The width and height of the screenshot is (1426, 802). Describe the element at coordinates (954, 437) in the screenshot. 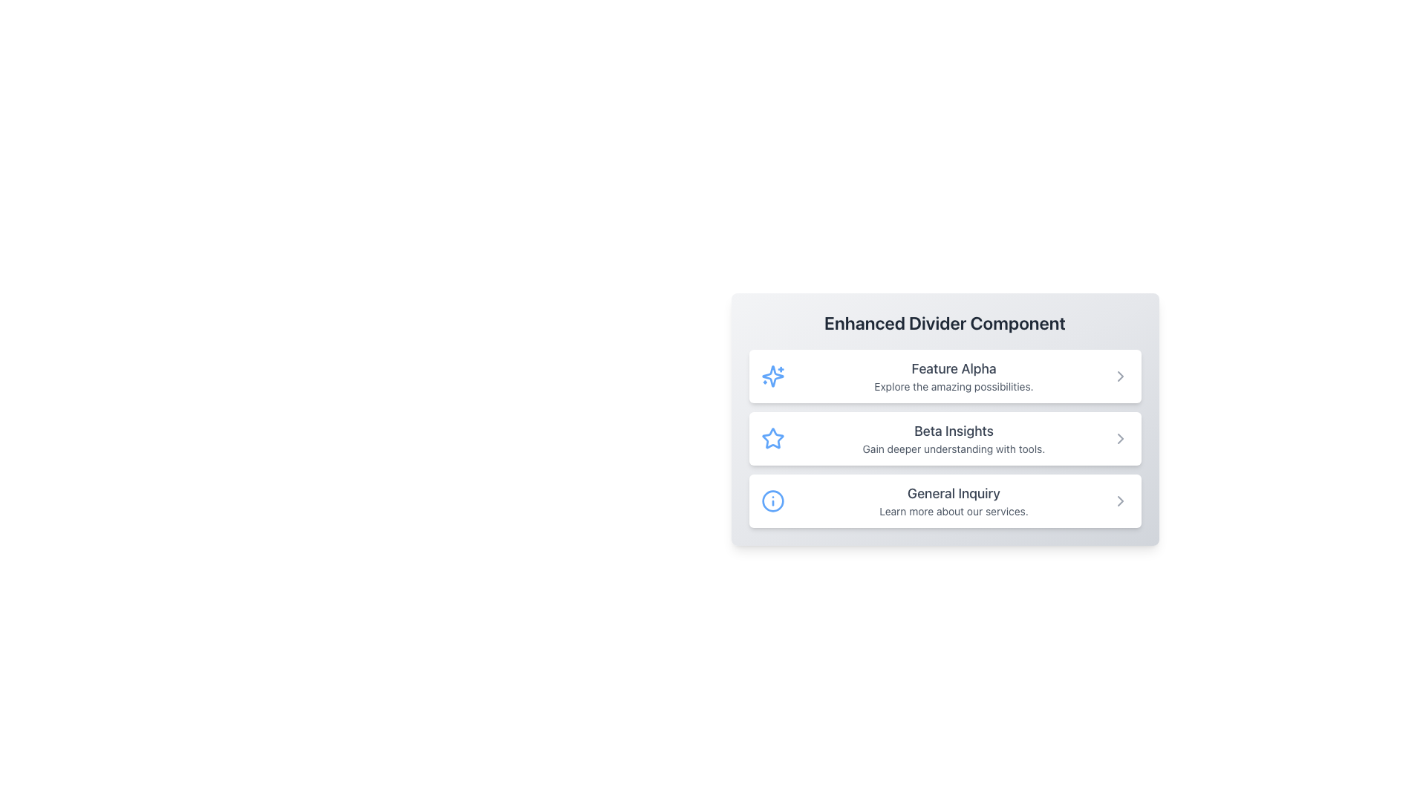

I see `the Text block element that contains 'Beta Insights' and 'Gain deeper understanding with tools.'` at that location.